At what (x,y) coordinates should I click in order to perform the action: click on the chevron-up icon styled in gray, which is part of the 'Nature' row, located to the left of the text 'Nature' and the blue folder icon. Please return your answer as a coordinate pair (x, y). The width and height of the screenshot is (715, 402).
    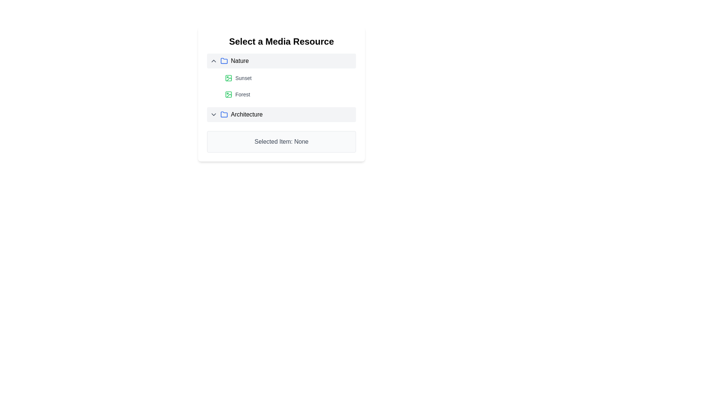
    Looking at the image, I should click on (213, 61).